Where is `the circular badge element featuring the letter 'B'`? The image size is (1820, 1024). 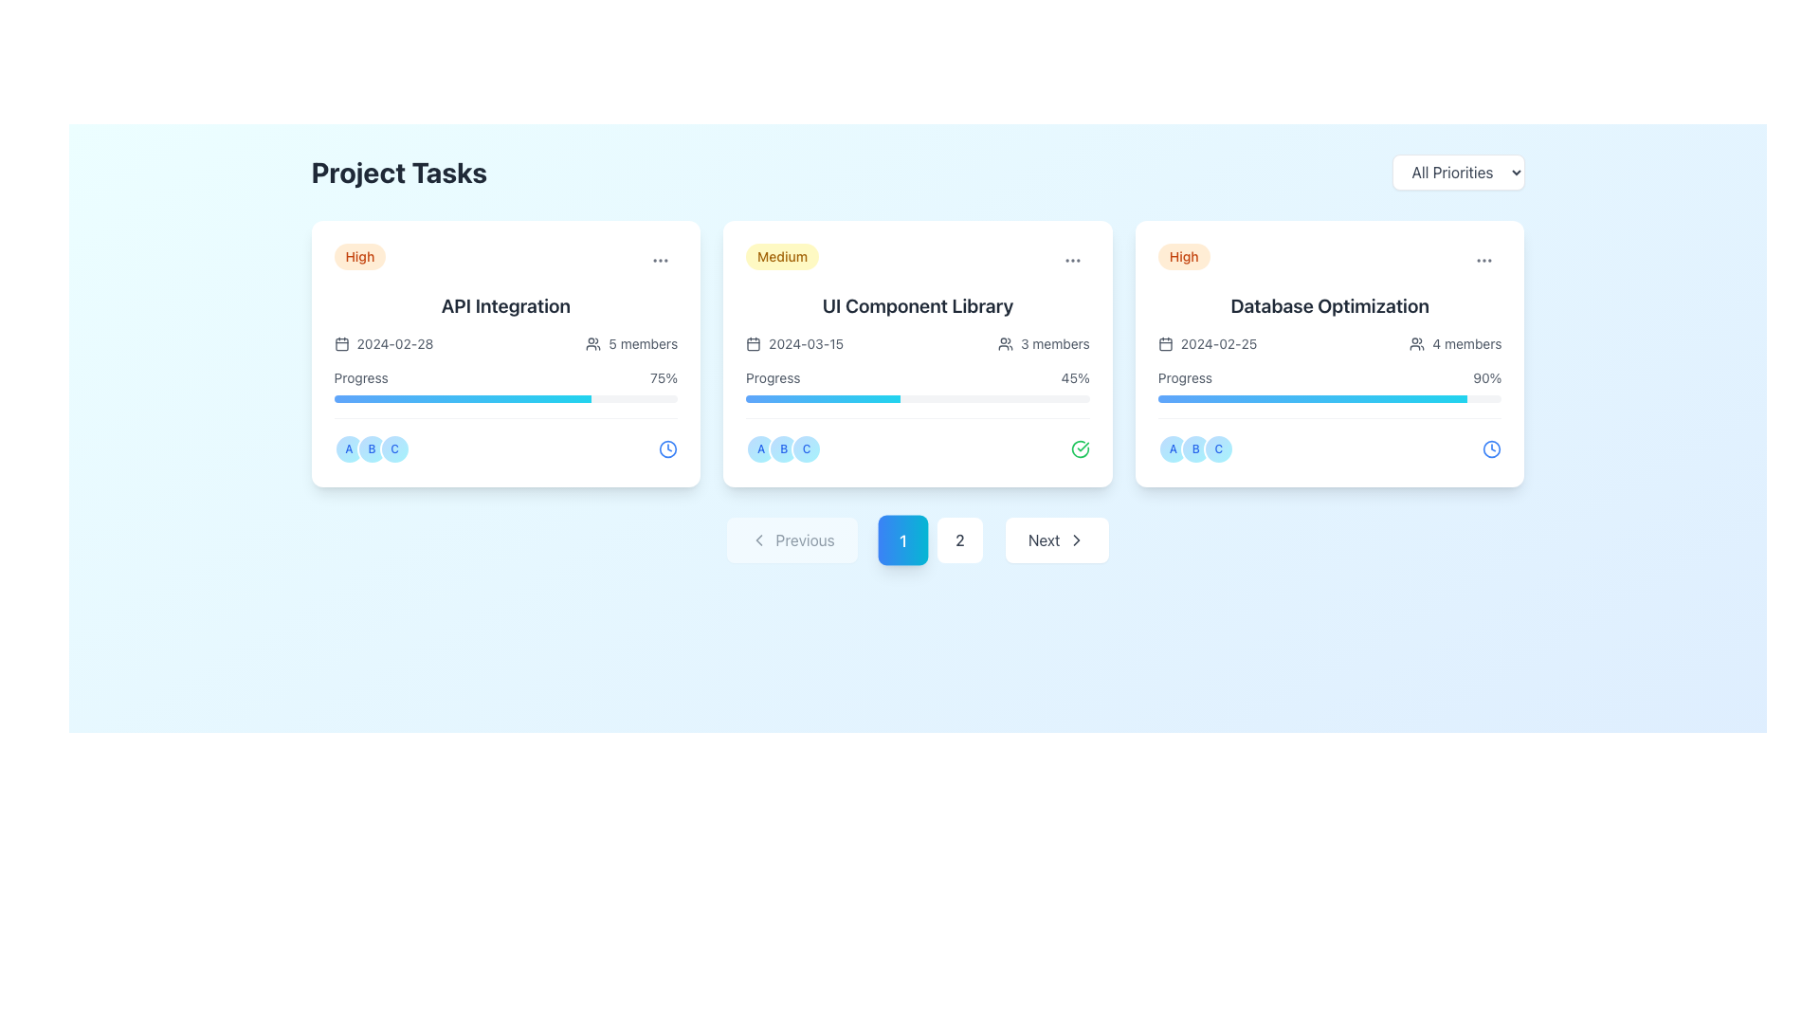 the circular badge element featuring the letter 'B' is located at coordinates (1194, 449).